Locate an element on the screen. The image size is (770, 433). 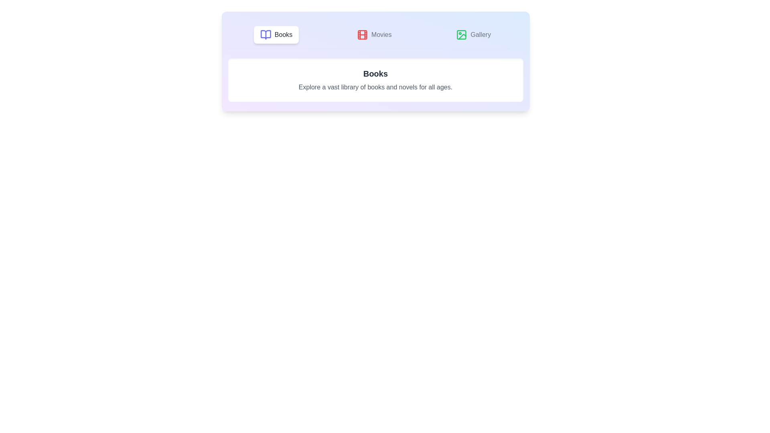
the Movies tab by clicking its button is located at coordinates (374, 34).